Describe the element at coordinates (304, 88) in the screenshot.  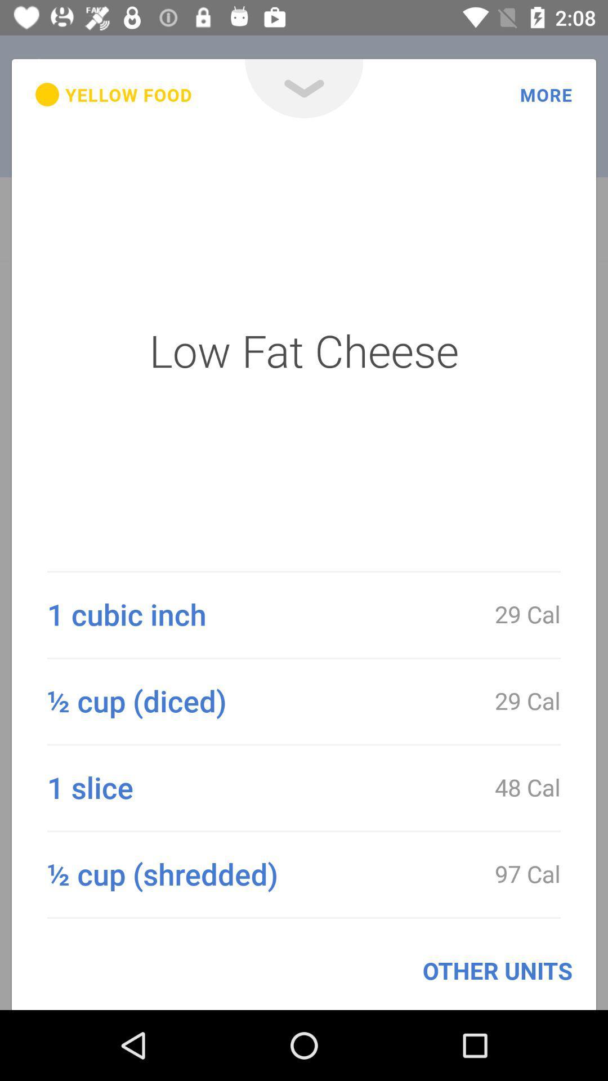
I see `icon next to yellow food` at that location.